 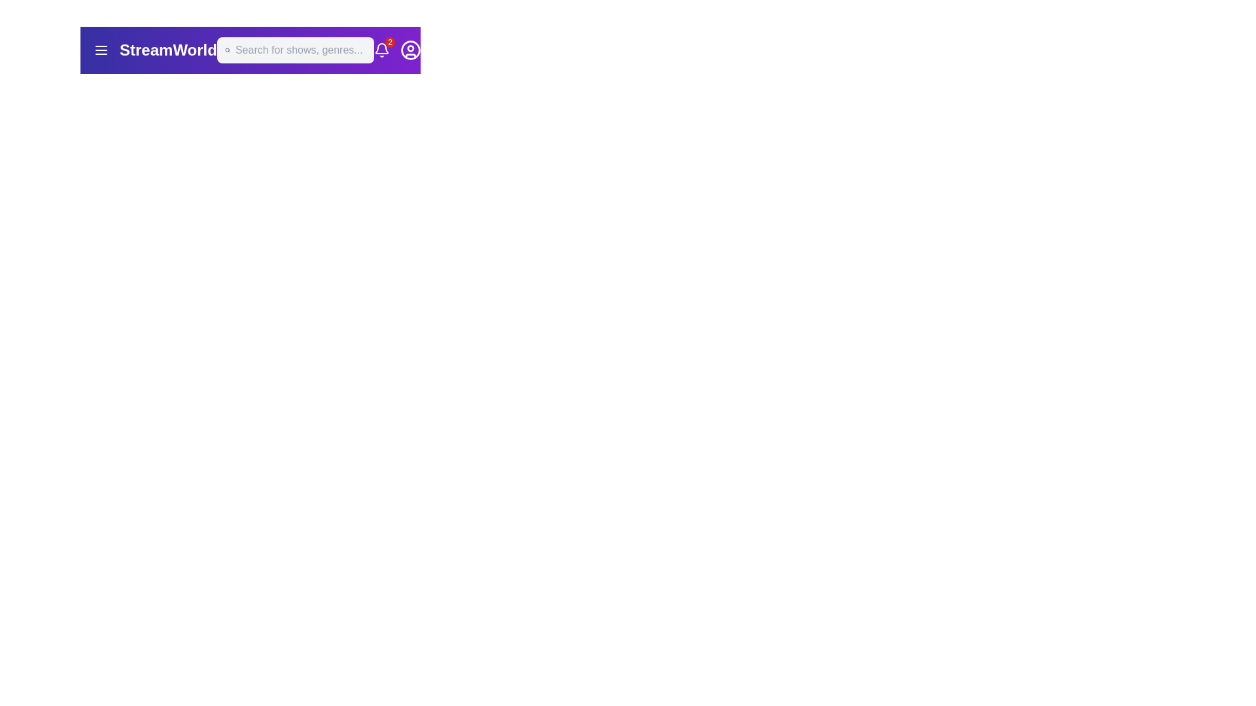 What do you see at coordinates (396, 50) in the screenshot?
I see `the notification badge icon located in the top-right corner of the interface, to the left of the user profile icon` at bounding box center [396, 50].